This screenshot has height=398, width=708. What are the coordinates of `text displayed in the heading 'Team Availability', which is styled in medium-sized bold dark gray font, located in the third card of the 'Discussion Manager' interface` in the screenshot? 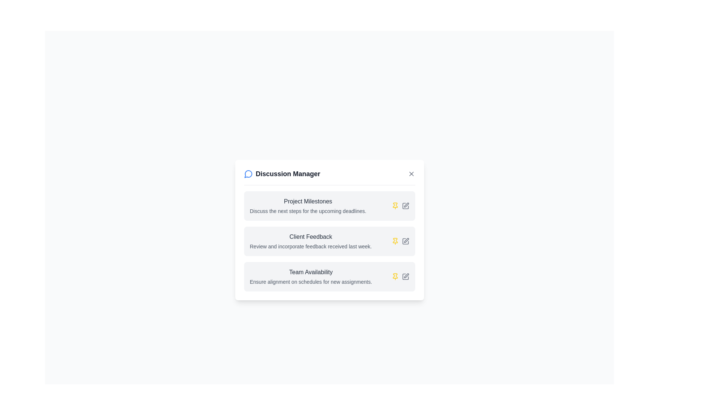 It's located at (311, 272).